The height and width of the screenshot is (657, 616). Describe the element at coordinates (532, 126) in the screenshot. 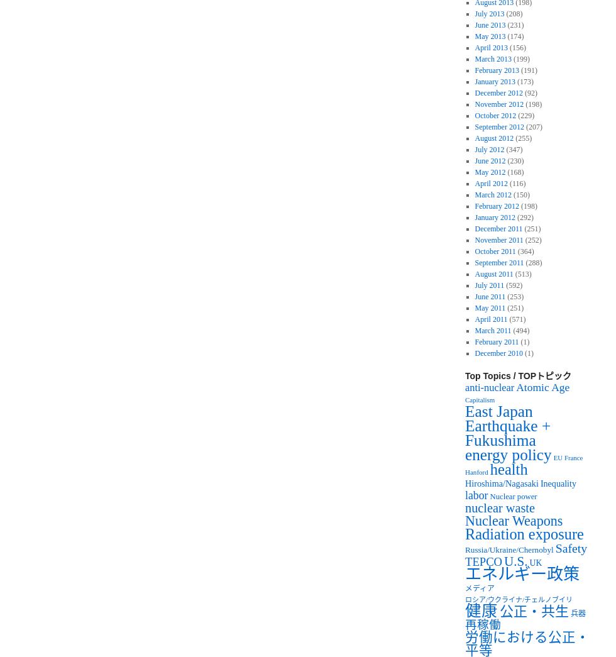

I see `'(207)'` at that location.